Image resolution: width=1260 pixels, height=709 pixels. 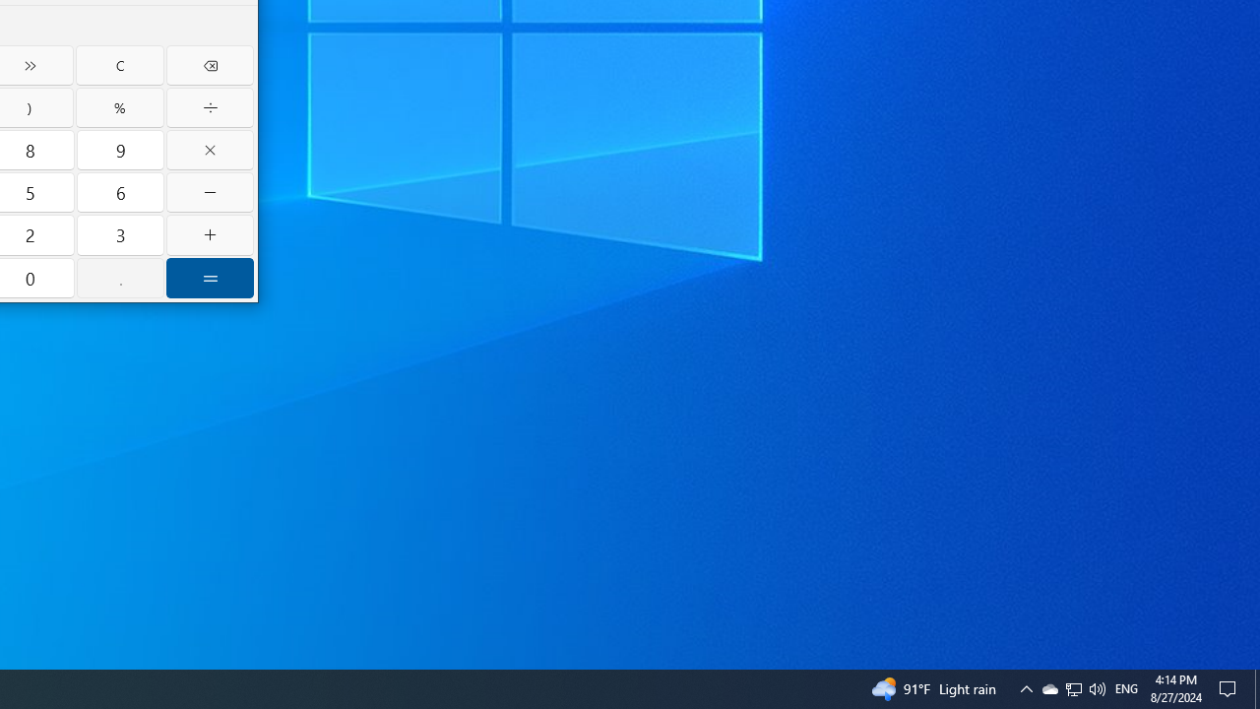 I want to click on 'Three', so click(x=119, y=234).